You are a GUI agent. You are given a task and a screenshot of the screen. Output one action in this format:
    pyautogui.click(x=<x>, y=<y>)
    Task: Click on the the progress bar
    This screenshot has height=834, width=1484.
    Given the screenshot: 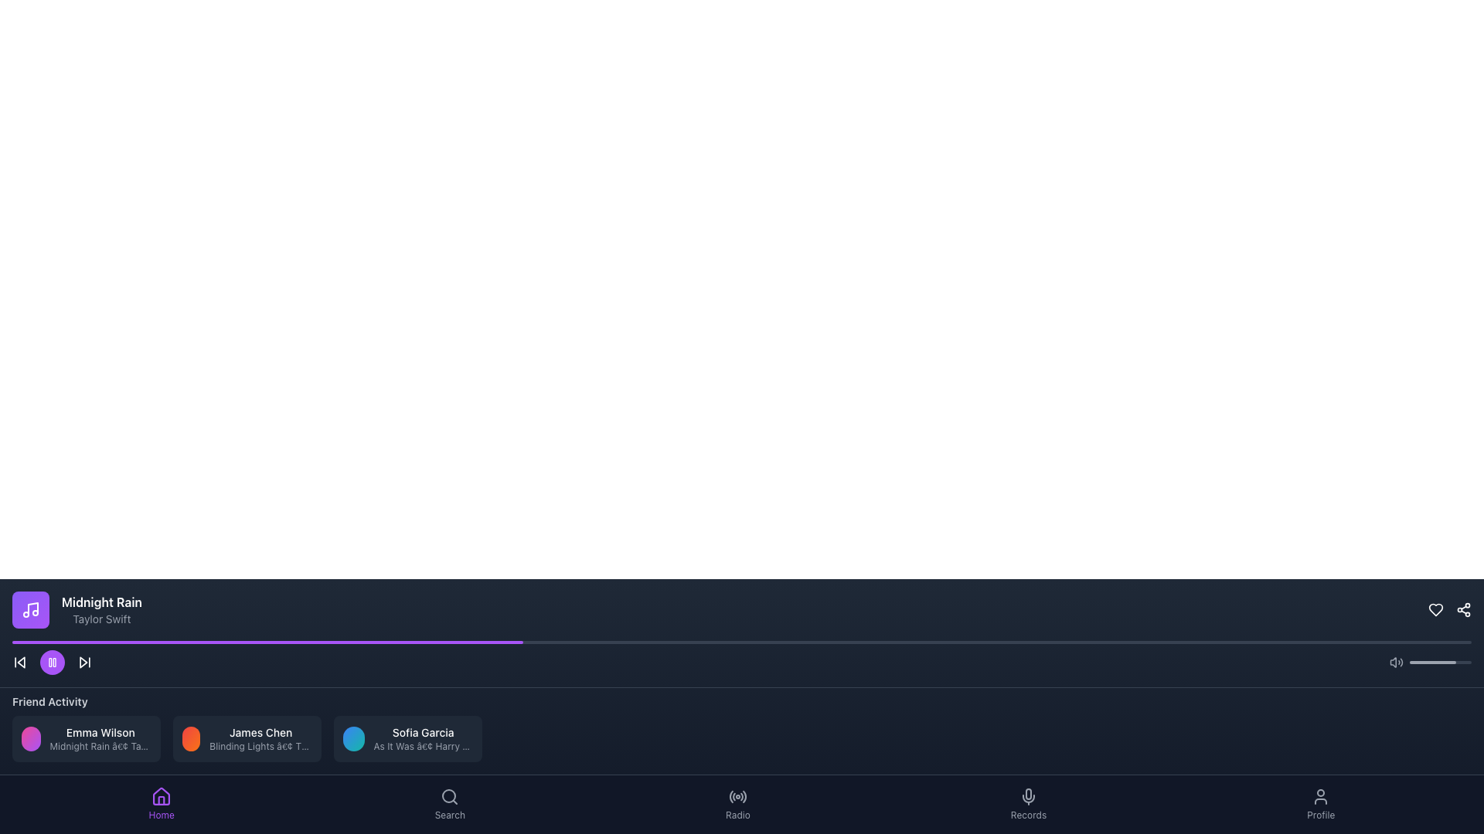 What is the action you would take?
    pyautogui.click(x=682, y=642)
    